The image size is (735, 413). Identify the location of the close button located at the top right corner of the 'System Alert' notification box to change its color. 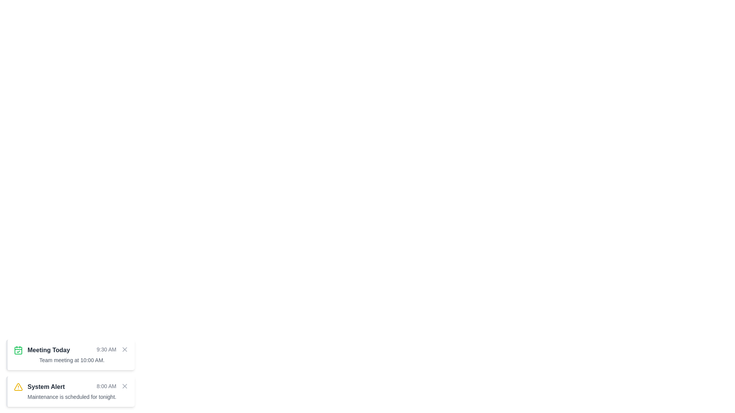
(125, 386).